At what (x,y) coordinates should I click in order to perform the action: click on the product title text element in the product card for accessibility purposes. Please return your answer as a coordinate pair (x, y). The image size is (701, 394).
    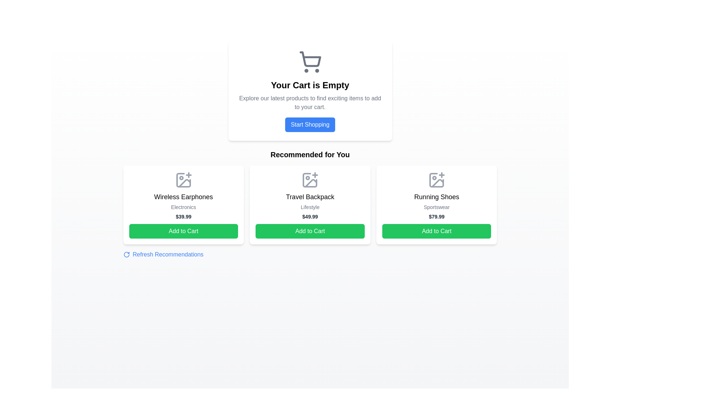
    Looking at the image, I should click on (183, 197).